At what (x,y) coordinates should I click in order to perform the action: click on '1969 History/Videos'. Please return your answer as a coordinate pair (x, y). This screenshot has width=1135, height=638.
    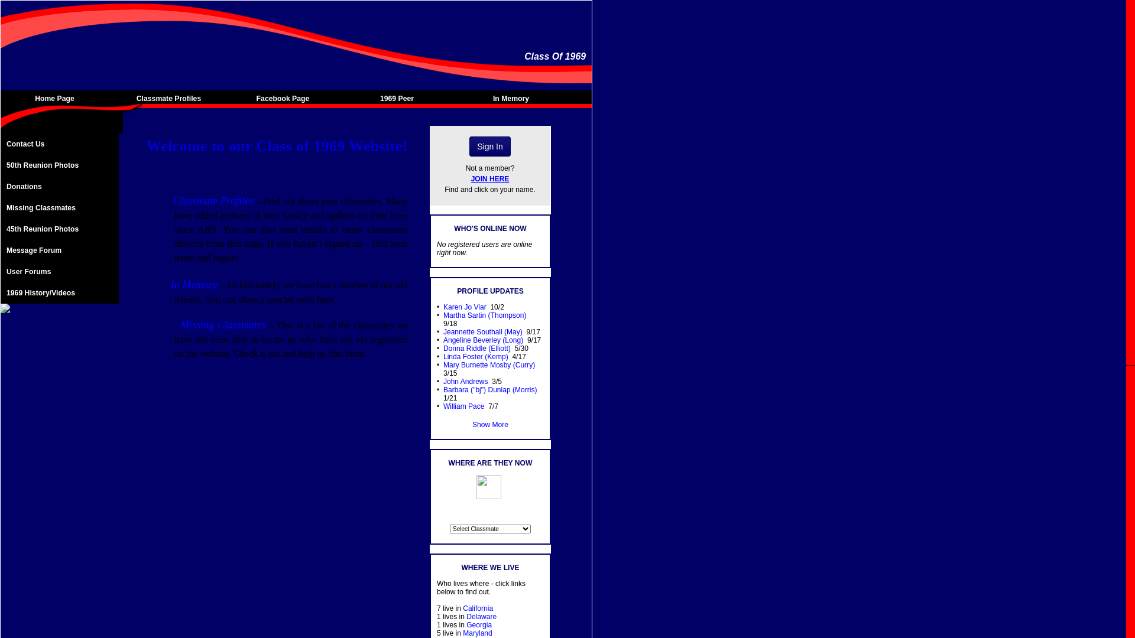
    Looking at the image, I should click on (59, 292).